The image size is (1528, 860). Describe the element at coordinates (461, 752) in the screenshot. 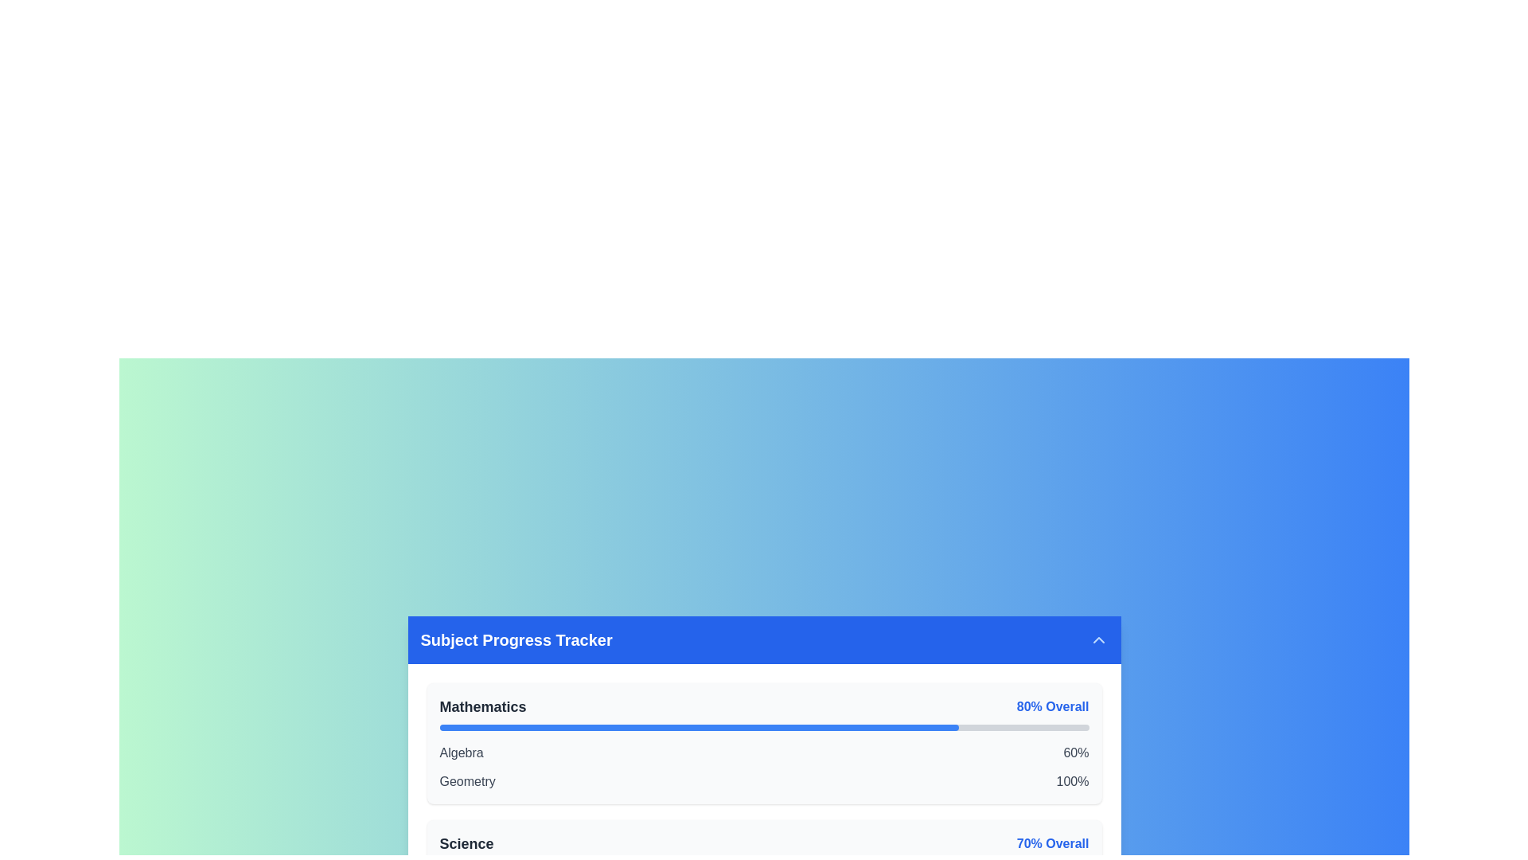

I see `text element labeled 'Algebra', which is styled in a medium font weight and appears dark-gray on a light background, located in the 'Subject Progress Tracker' module` at that location.